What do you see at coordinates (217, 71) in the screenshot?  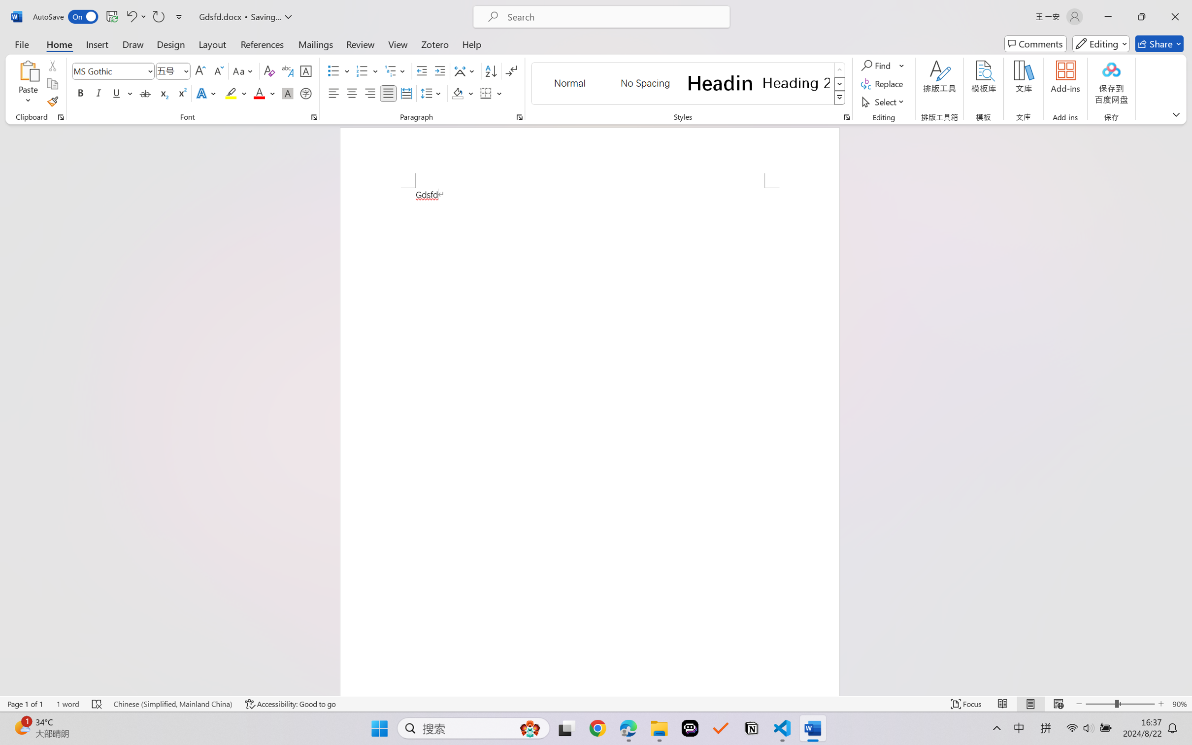 I see `'Shrink Font'` at bounding box center [217, 71].